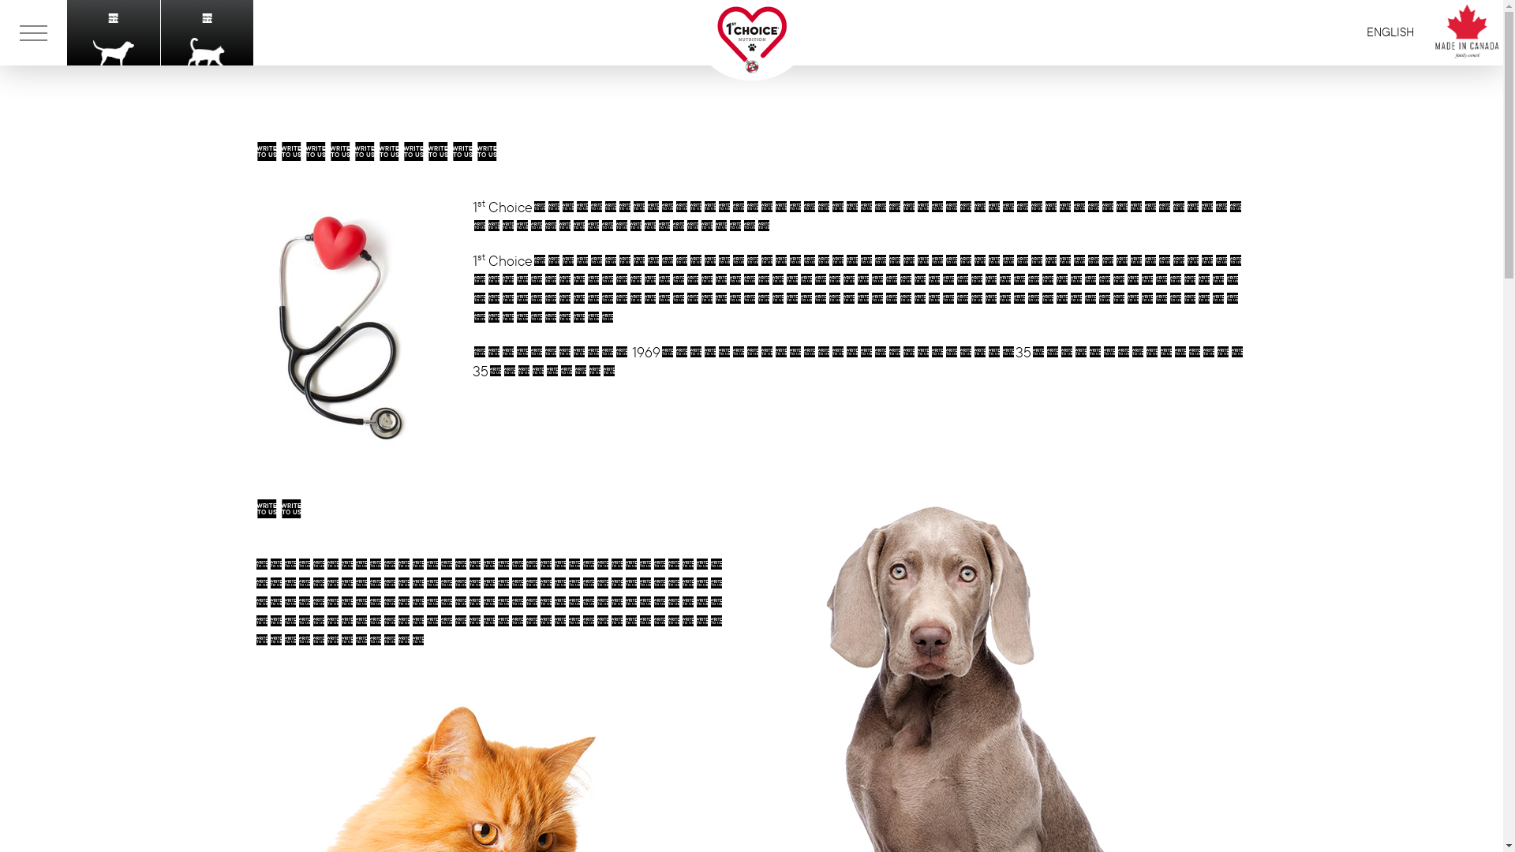  What do you see at coordinates (1390, 32) in the screenshot?
I see `'ENGLISH'` at bounding box center [1390, 32].